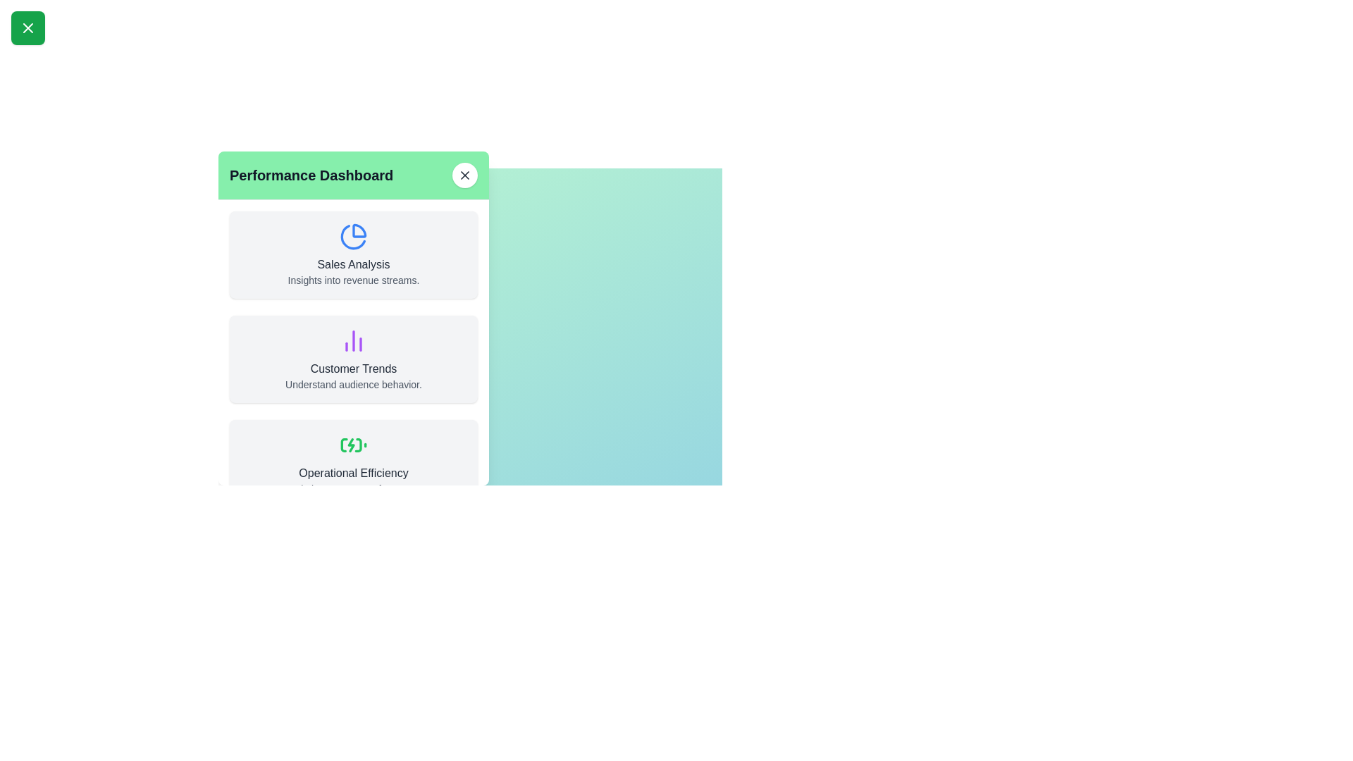 This screenshot has width=1353, height=761. What do you see at coordinates (354, 369) in the screenshot?
I see `text displayed on the text label located below the purple bar chart icon and above the 'Understand audience behavior' text` at bounding box center [354, 369].